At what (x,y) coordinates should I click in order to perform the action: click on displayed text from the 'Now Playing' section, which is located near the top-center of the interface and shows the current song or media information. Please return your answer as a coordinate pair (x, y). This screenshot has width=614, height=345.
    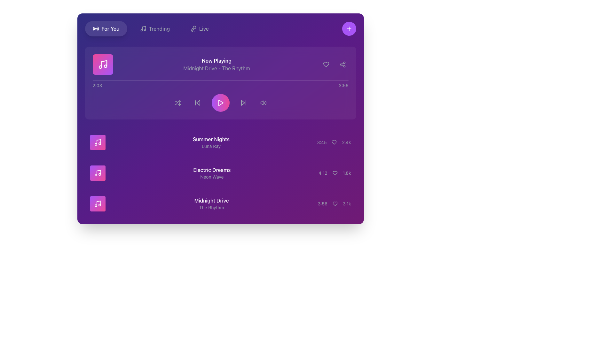
    Looking at the image, I should click on (216, 64).